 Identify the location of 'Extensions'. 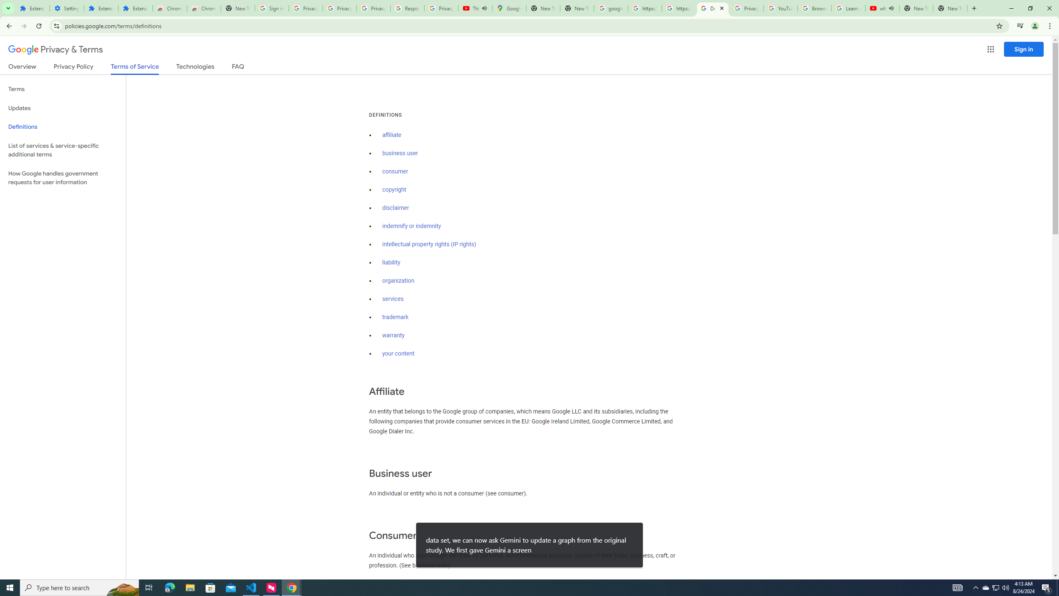
(101, 8).